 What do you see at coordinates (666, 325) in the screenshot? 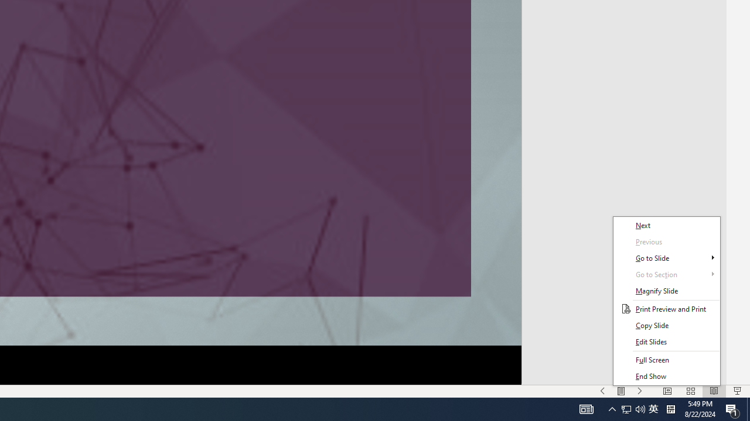
I see `'Copy Slide'` at bounding box center [666, 325].